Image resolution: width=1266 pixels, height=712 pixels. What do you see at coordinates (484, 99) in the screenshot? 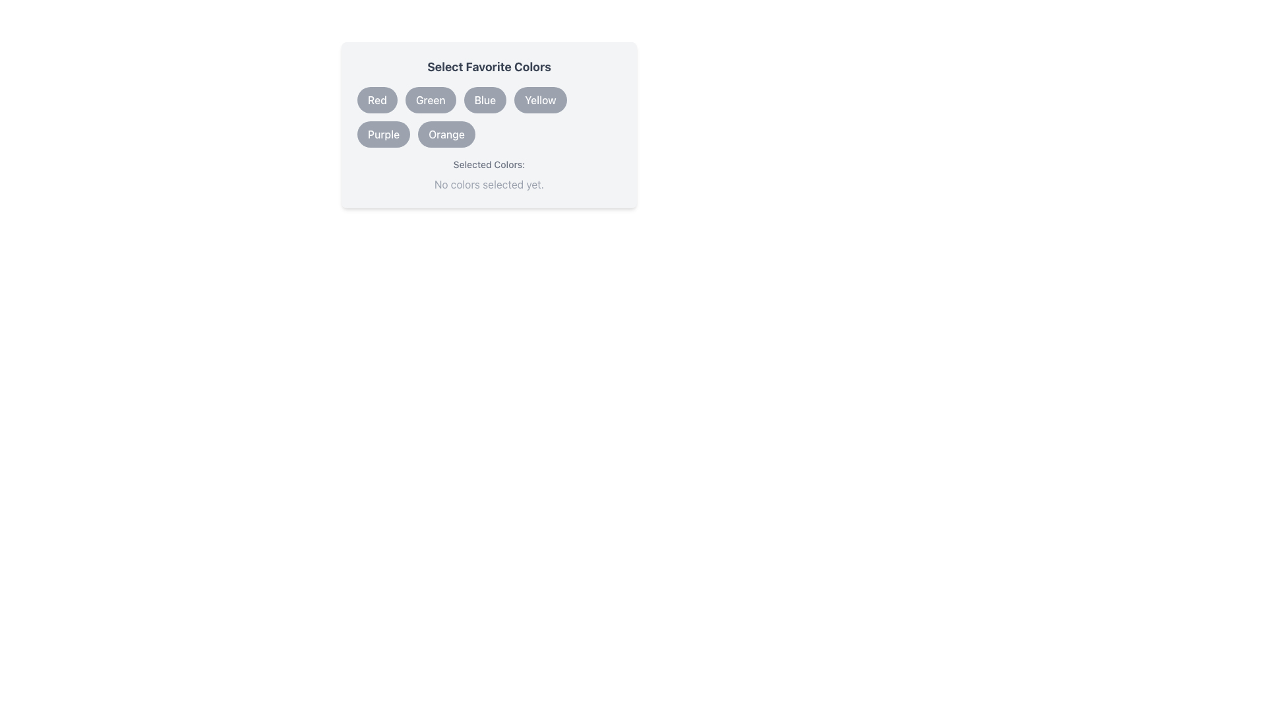
I see `the button labeled 'Blue'` at bounding box center [484, 99].